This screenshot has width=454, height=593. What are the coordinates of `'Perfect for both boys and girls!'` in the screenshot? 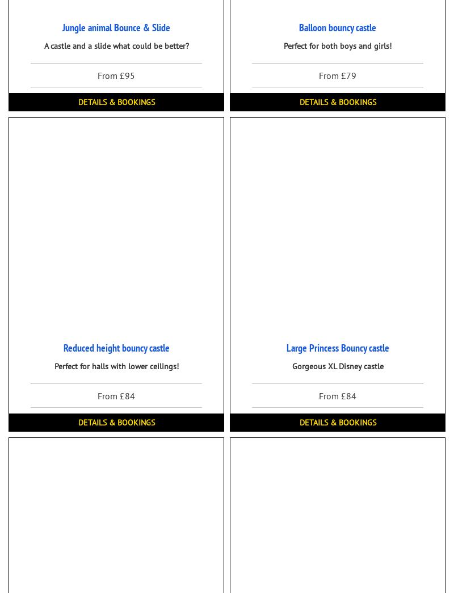 It's located at (337, 46).